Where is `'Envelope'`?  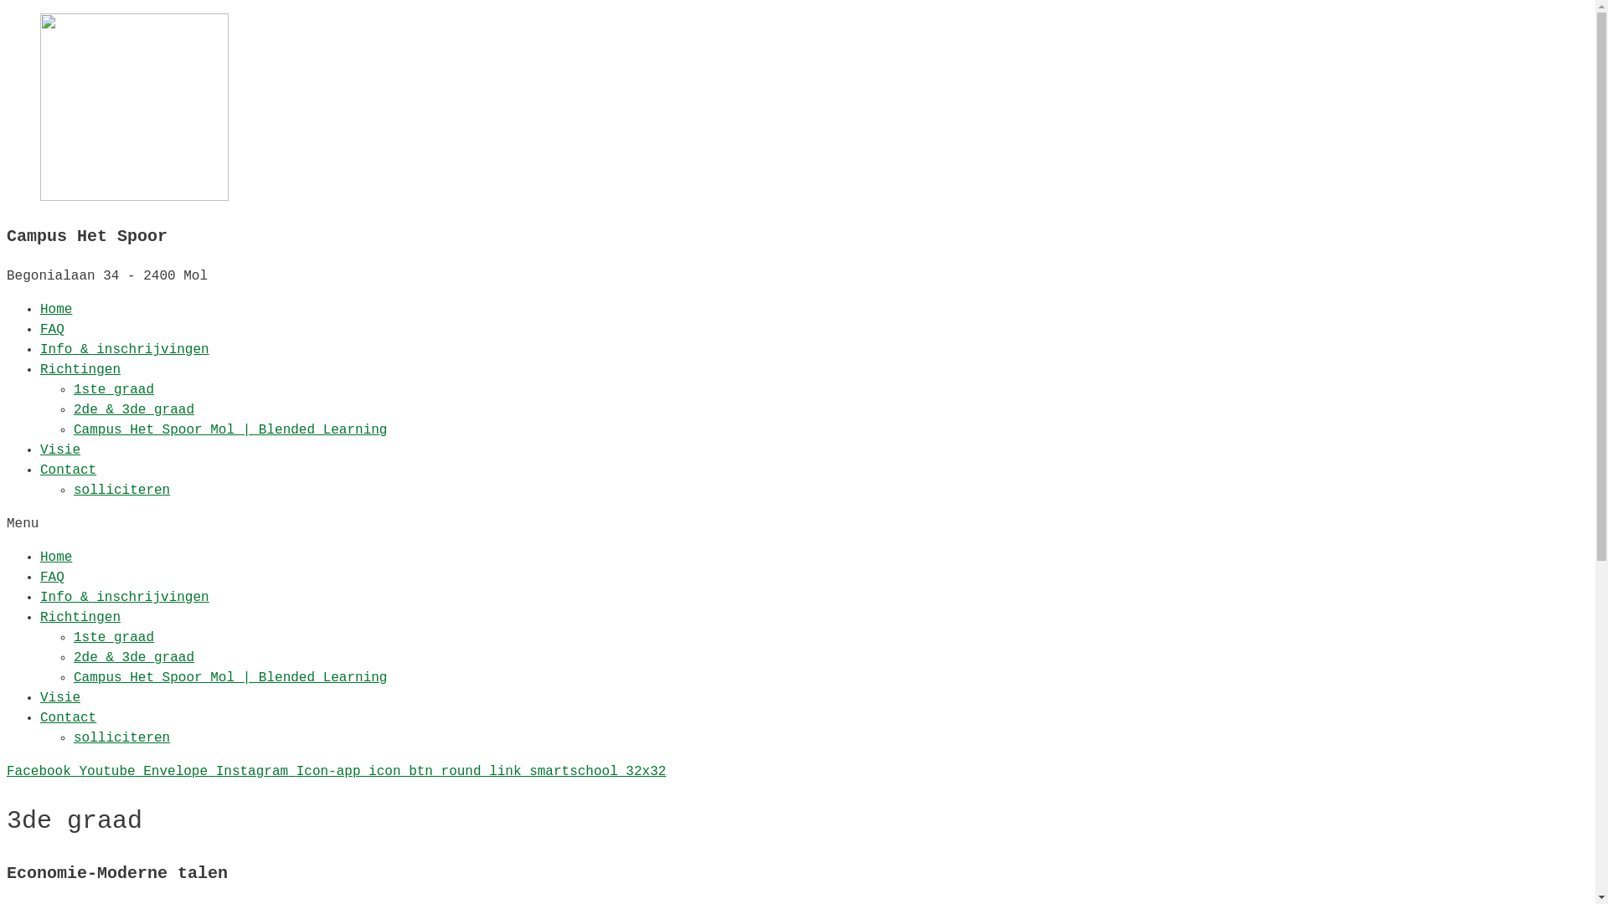 'Envelope' is located at coordinates (143, 771).